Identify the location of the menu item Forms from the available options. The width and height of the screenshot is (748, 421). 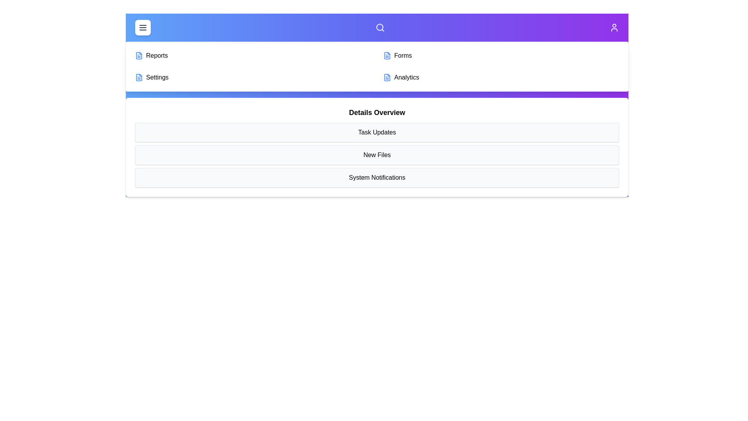
(501, 55).